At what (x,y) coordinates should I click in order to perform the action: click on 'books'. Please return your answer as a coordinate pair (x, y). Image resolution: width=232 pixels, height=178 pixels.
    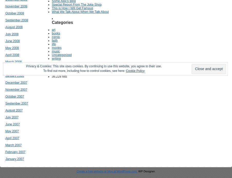
    Looking at the image, I should click on (52, 33).